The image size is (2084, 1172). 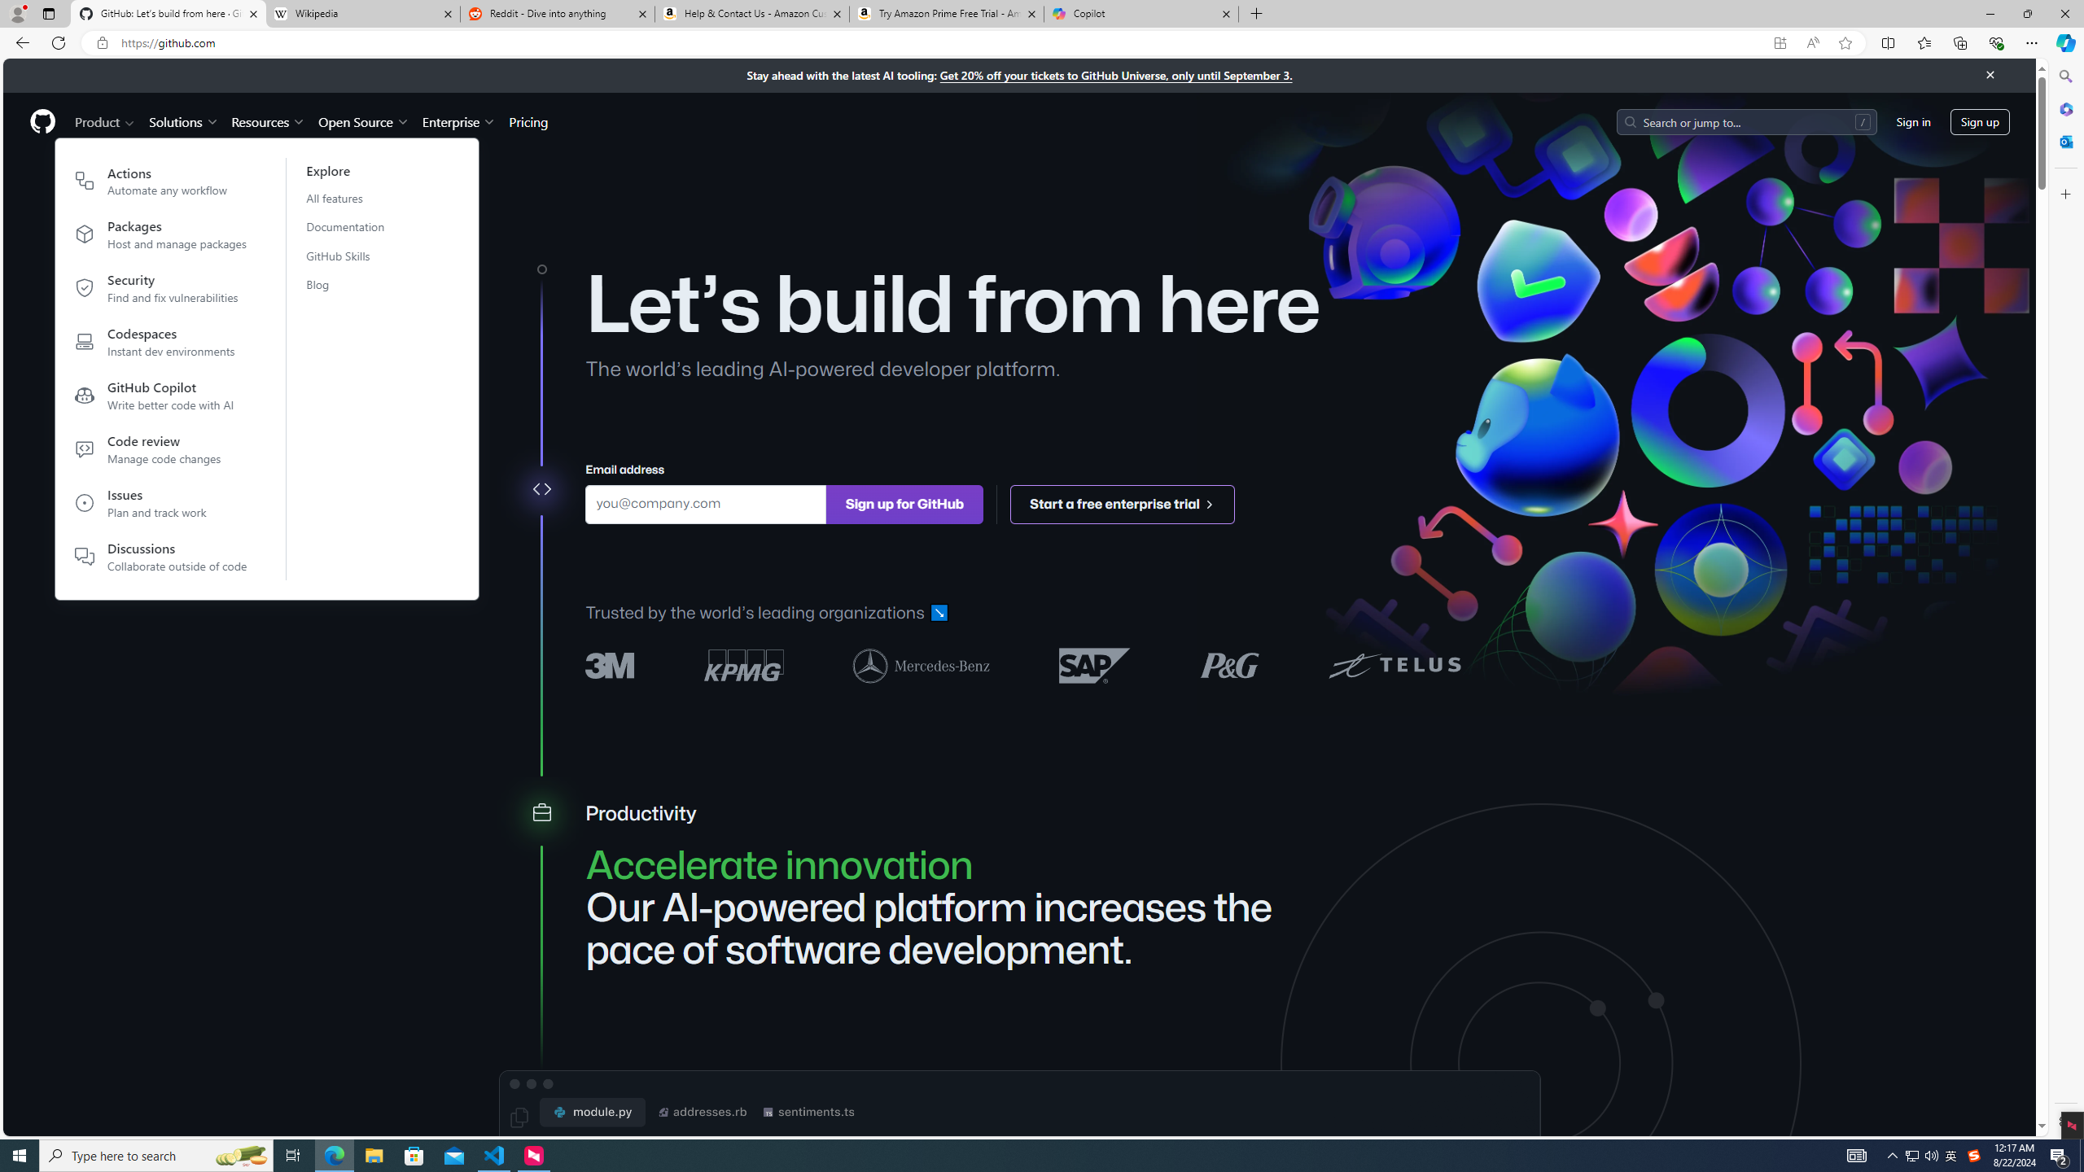 I want to click on 'App available. Install GitHub', so click(x=1779, y=43).